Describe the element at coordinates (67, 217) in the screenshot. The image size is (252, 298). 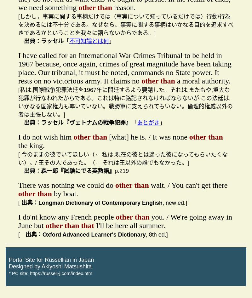
I see `'I do'nt know any French people'` at that location.